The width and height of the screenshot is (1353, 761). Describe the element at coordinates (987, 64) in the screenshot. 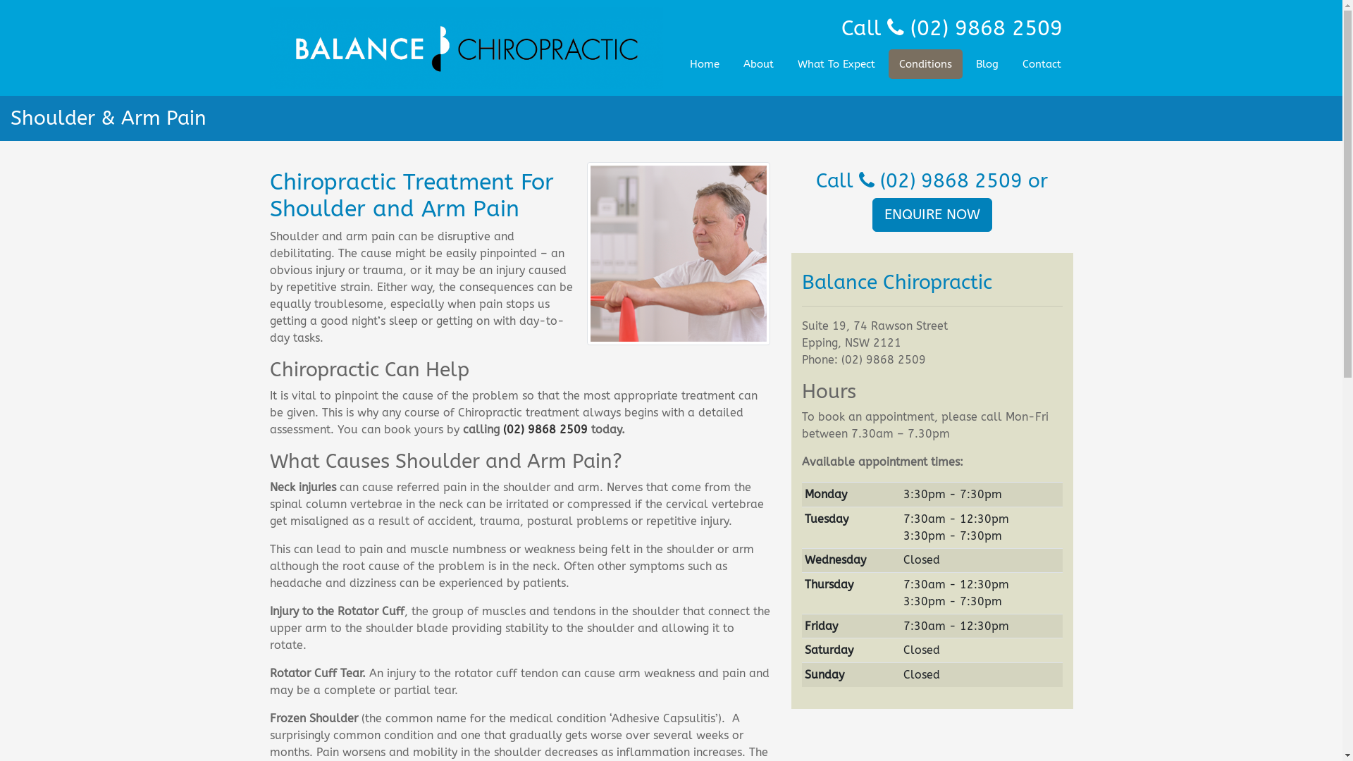

I see `'Blog'` at that location.